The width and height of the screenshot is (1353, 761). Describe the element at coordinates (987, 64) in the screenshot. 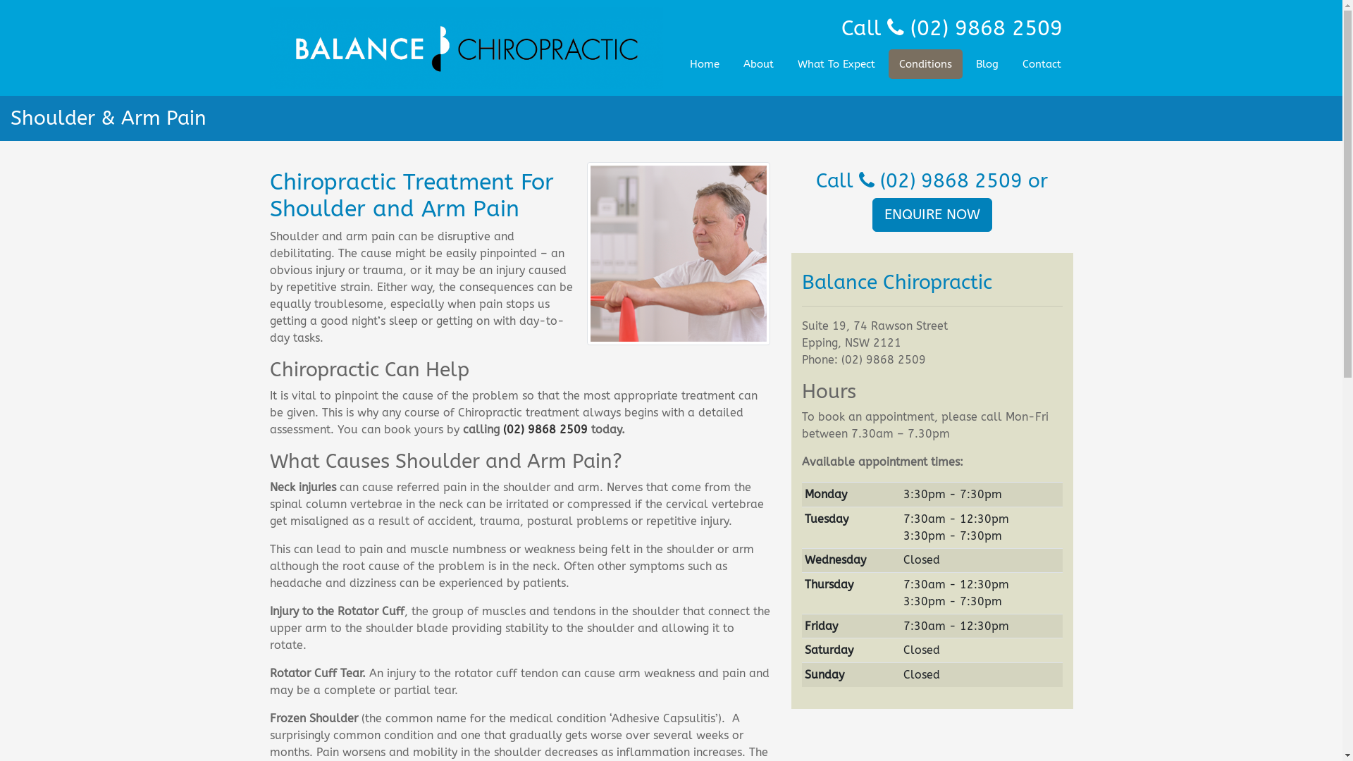

I see `'Blog'` at that location.